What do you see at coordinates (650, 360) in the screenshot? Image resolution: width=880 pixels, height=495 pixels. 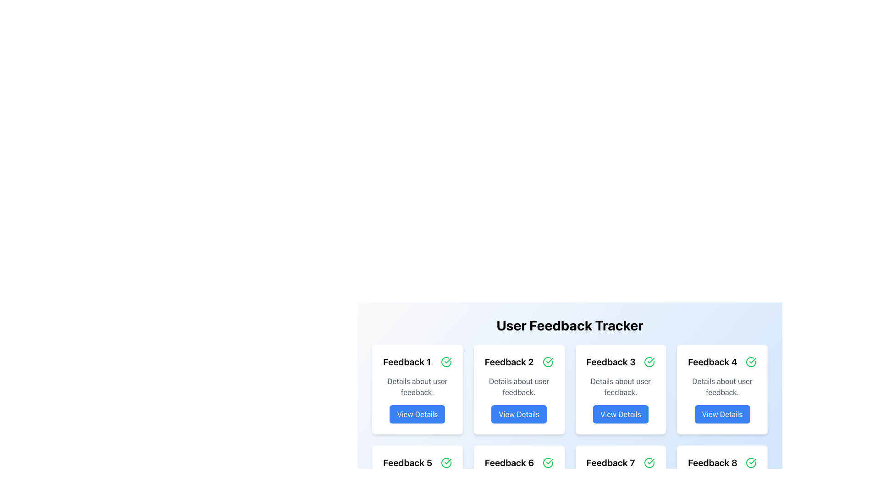 I see `the green checkmark icon associated with the label 'Feedback 3' in the User Feedback Tracker section, located in the third card of the feedback items grid` at bounding box center [650, 360].